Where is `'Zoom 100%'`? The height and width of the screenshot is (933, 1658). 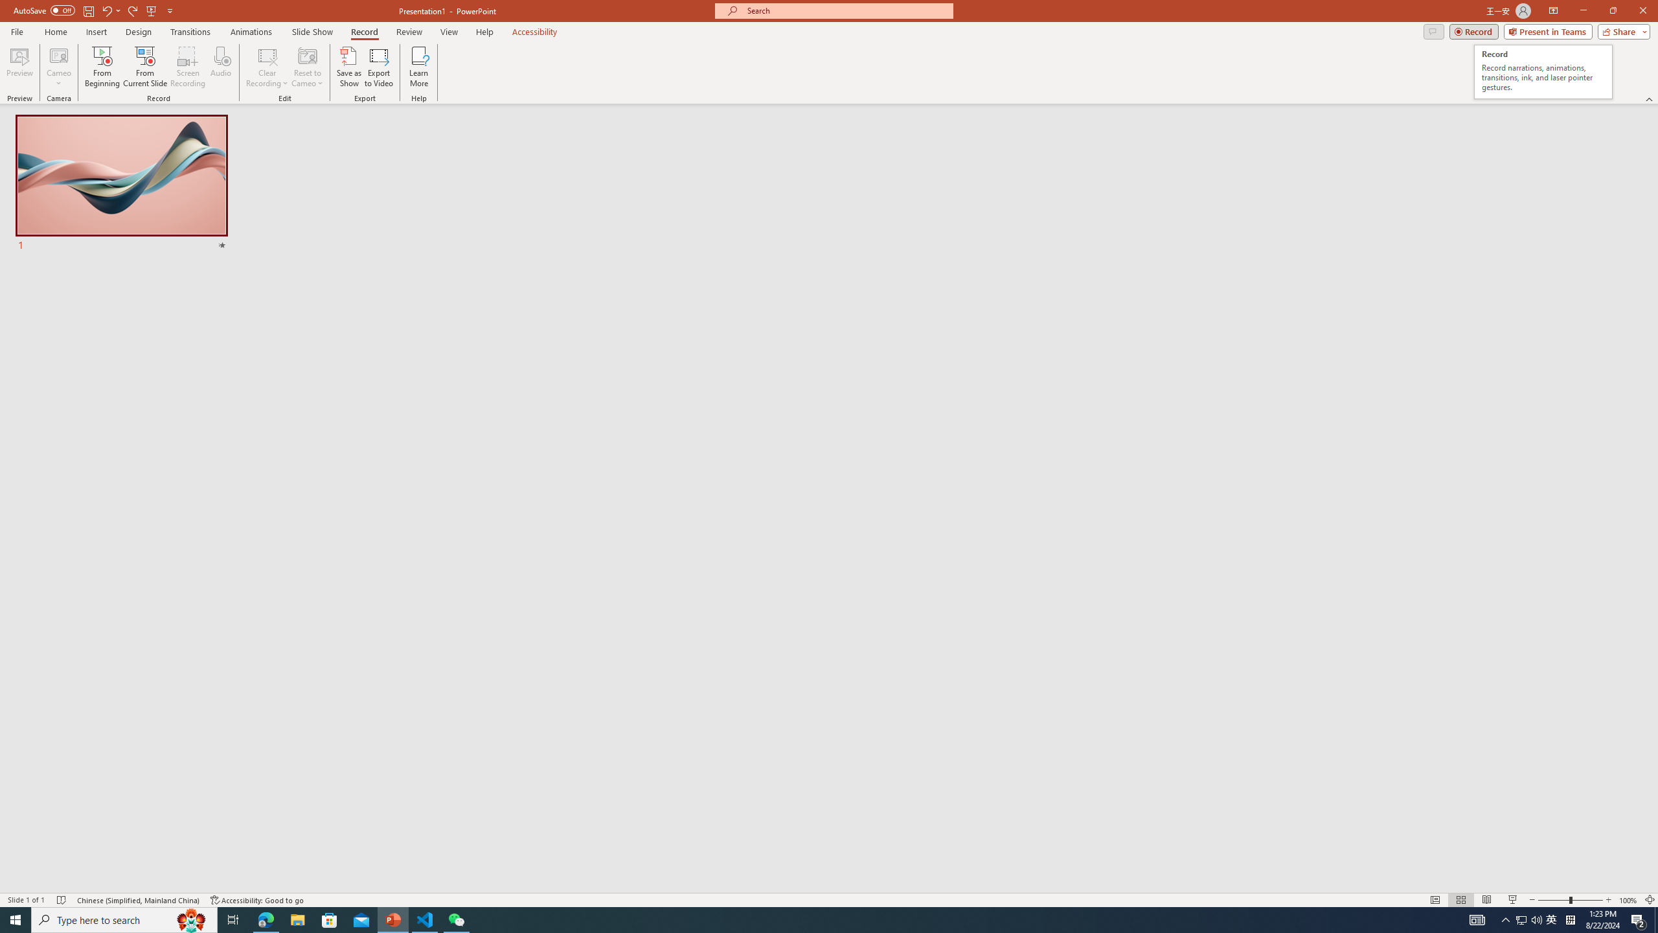
'Zoom 100%' is located at coordinates (1629, 900).